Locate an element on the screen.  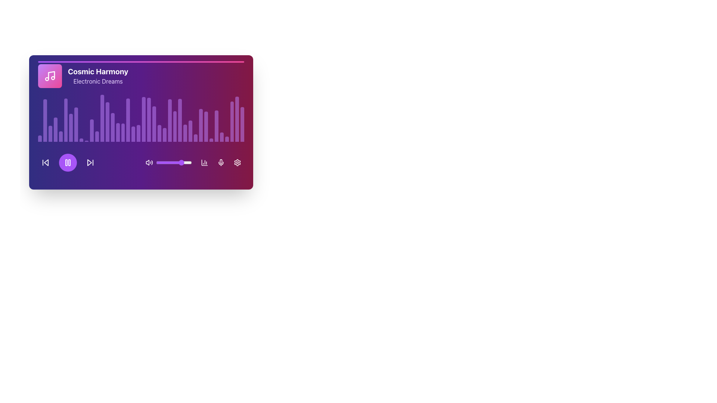
the eighth vertical bar in the audio visualizer bar chart, which represents a single data point is located at coordinates (76, 124).